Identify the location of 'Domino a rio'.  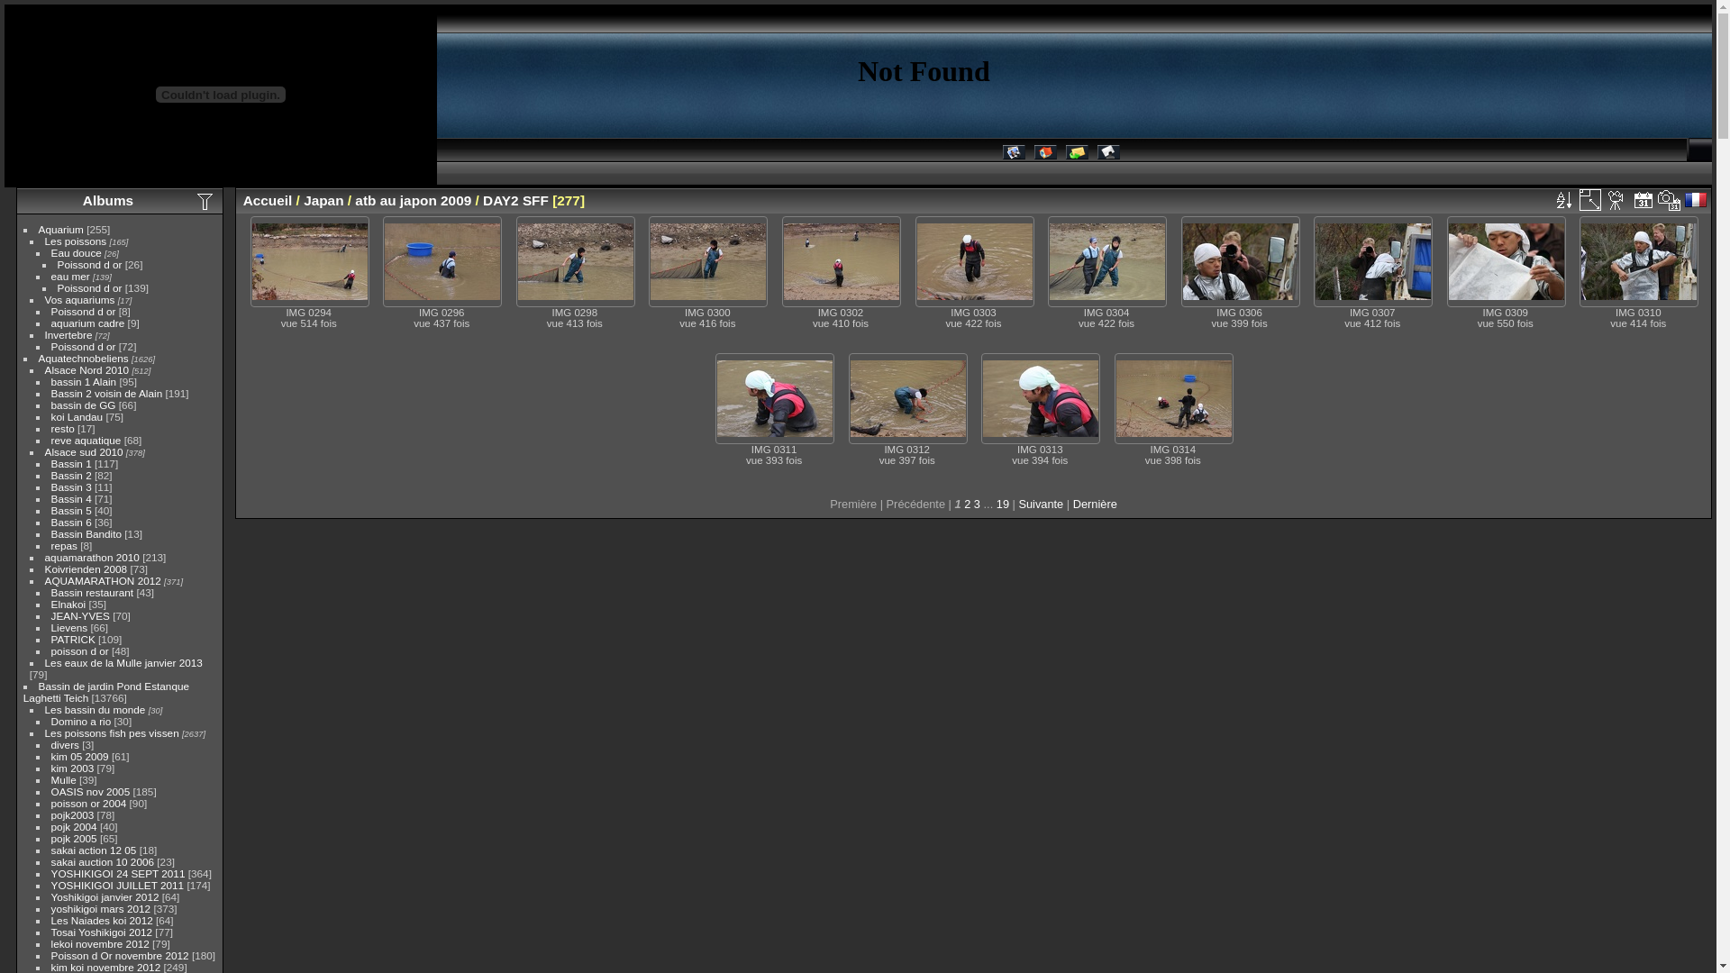
(80, 720).